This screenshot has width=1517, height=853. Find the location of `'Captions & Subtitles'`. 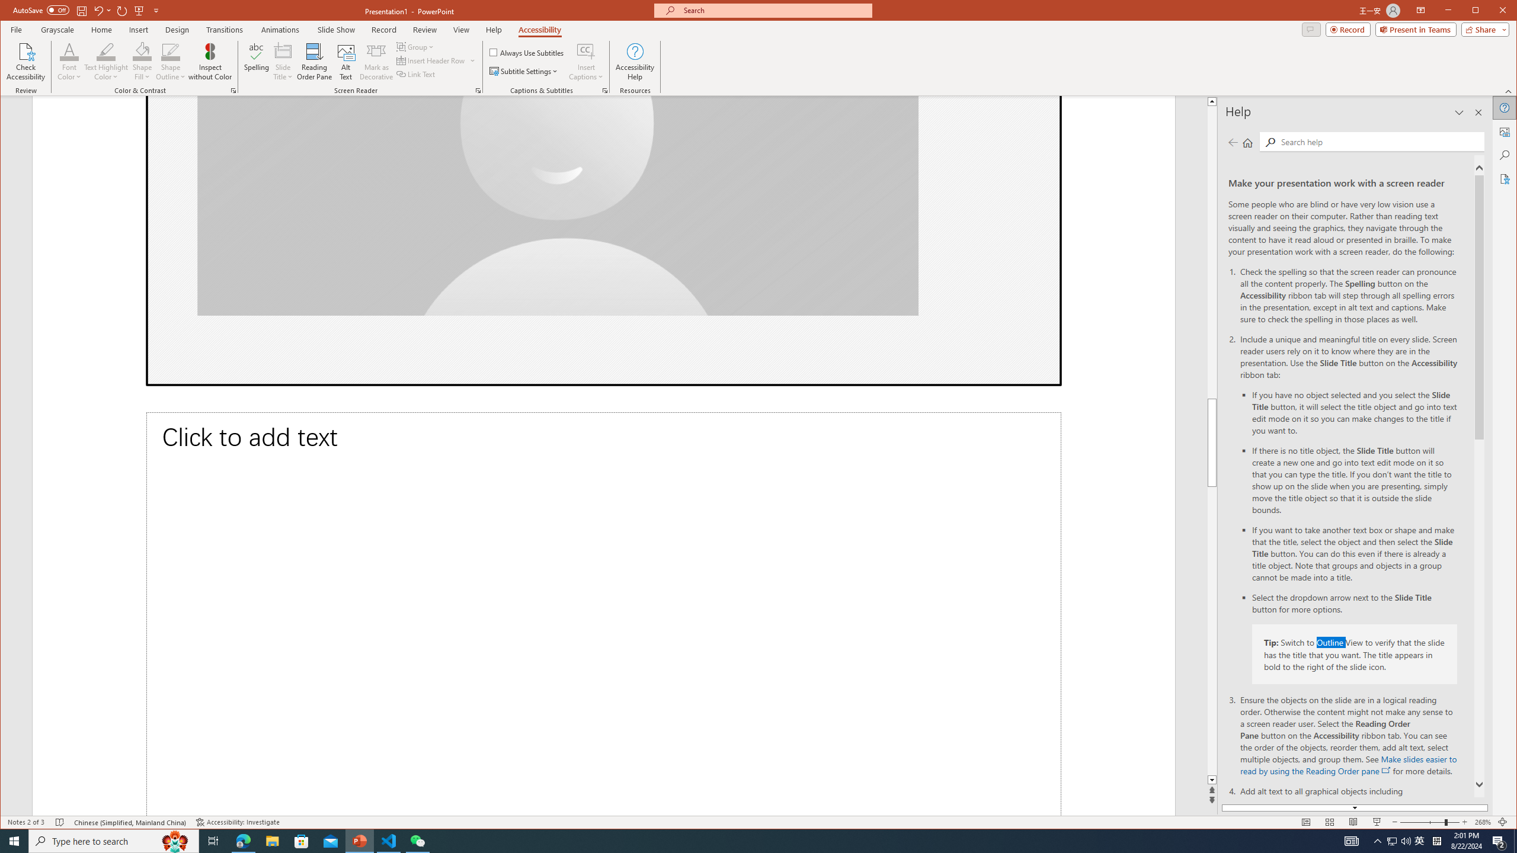

'Captions & Subtitles' is located at coordinates (604, 91).